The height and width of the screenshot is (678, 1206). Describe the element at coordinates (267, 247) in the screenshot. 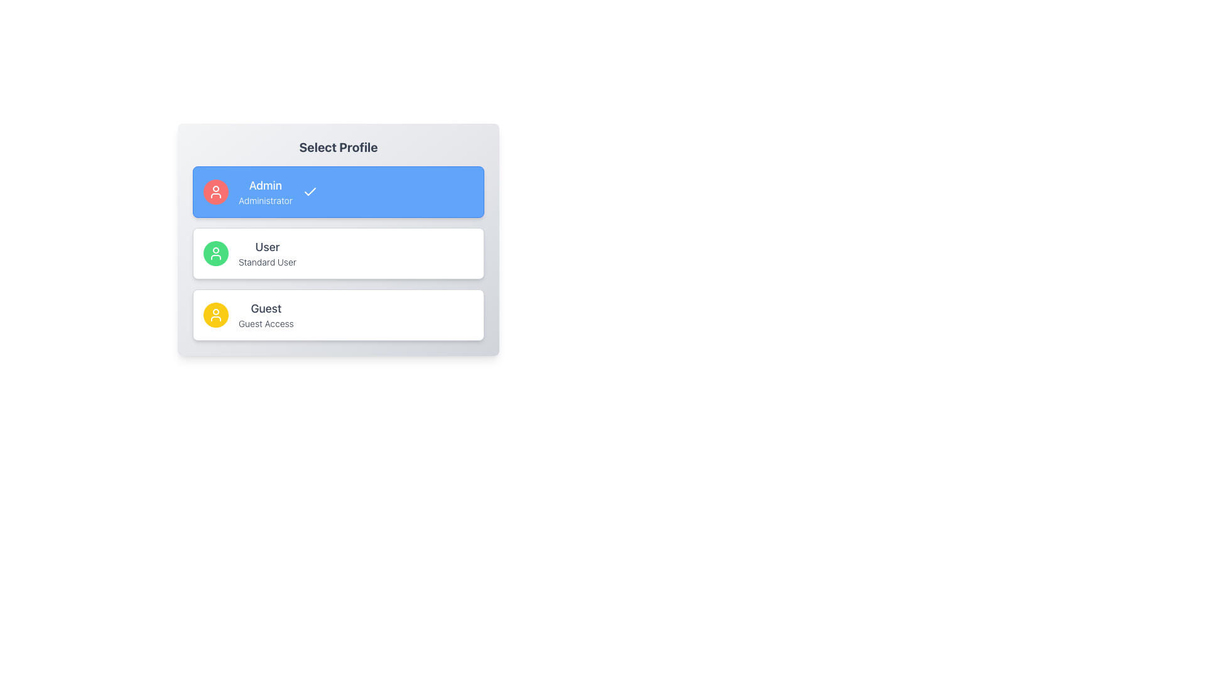

I see `text label indicating the user profile type, which is the title for the associated user profile option located above the subtitle 'Standard User' and to the right of the green circular icon` at that location.